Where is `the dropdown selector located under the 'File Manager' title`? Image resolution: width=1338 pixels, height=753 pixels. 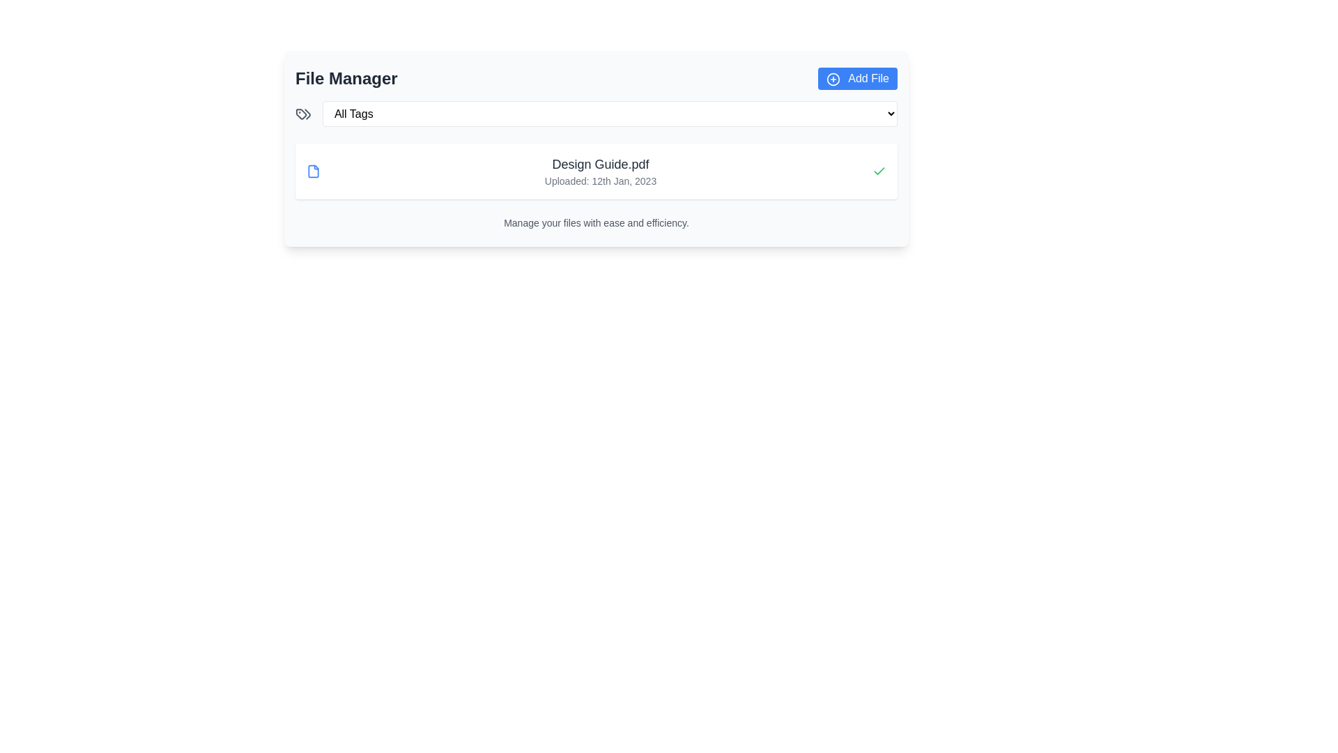 the dropdown selector located under the 'File Manager' title is located at coordinates (609, 112).